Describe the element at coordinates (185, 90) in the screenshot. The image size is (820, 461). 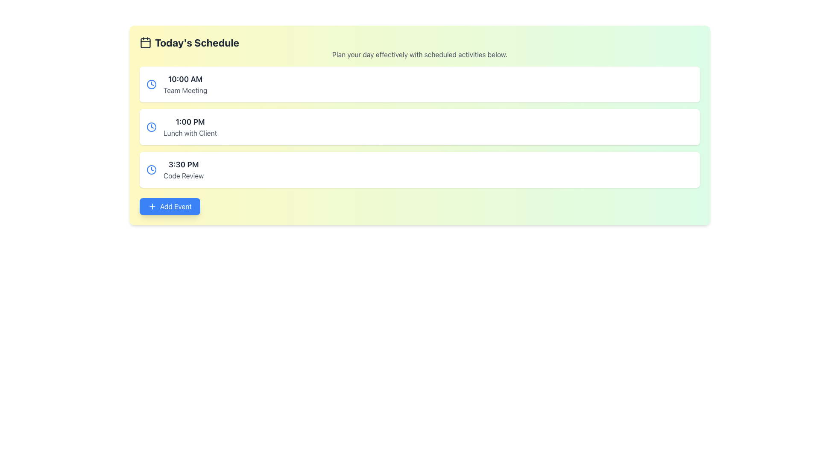
I see `the 'Team Meeting' text label, which is styled in gray and located directly beneath the '10:00 AM' text in the first white card of the schedule list` at that location.